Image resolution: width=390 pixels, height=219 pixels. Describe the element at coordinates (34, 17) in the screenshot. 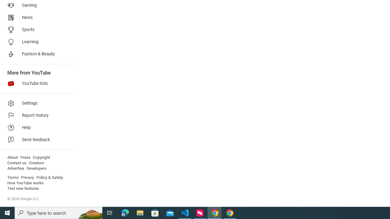

I see `'News'` at that location.